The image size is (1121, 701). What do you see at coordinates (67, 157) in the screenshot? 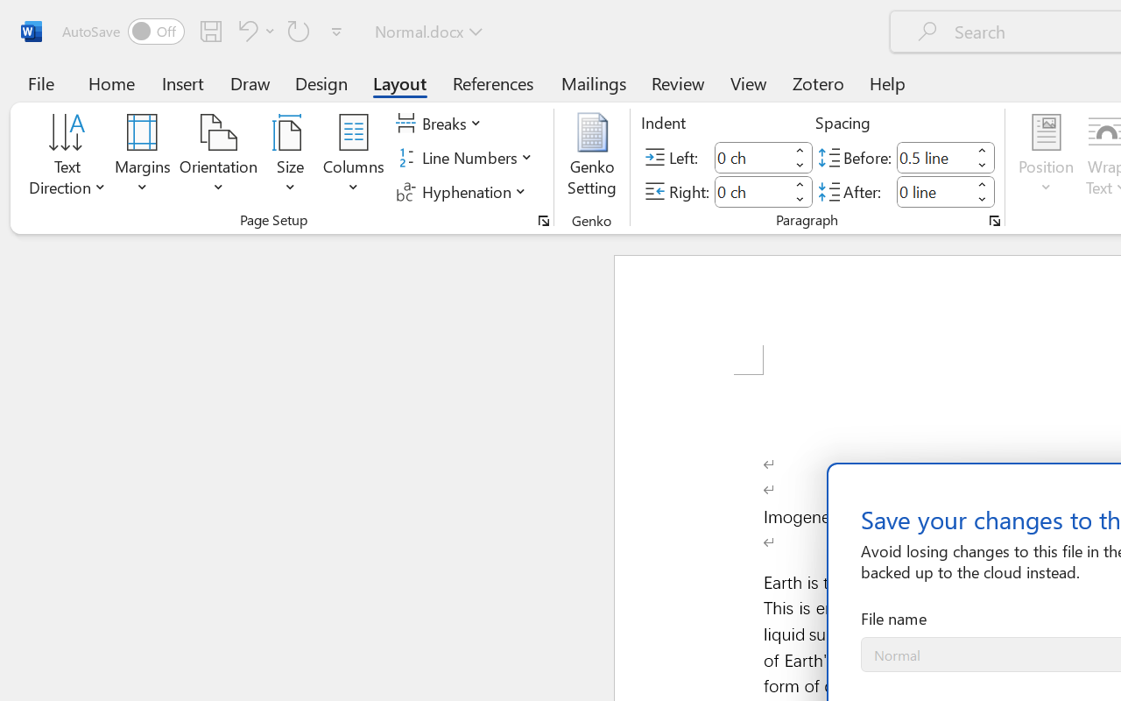
I see `'Text Direction'` at bounding box center [67, 157].